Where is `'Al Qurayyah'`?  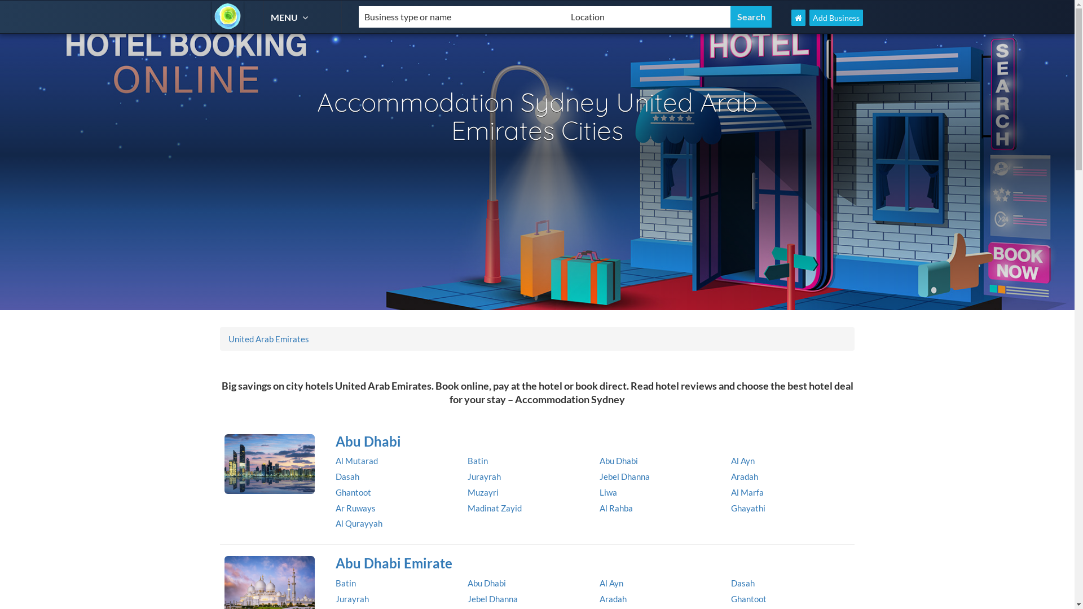 'Al Qurayyah' is located at coordinates (358, 523).